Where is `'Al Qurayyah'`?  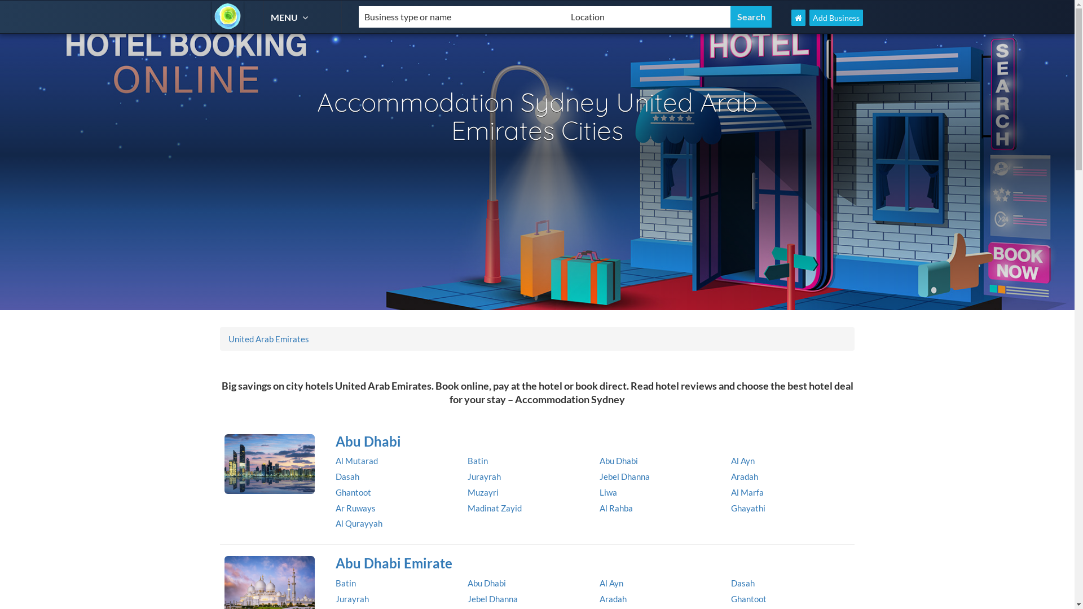 'Al Qurayyah' is located at coordinates (358, 523).